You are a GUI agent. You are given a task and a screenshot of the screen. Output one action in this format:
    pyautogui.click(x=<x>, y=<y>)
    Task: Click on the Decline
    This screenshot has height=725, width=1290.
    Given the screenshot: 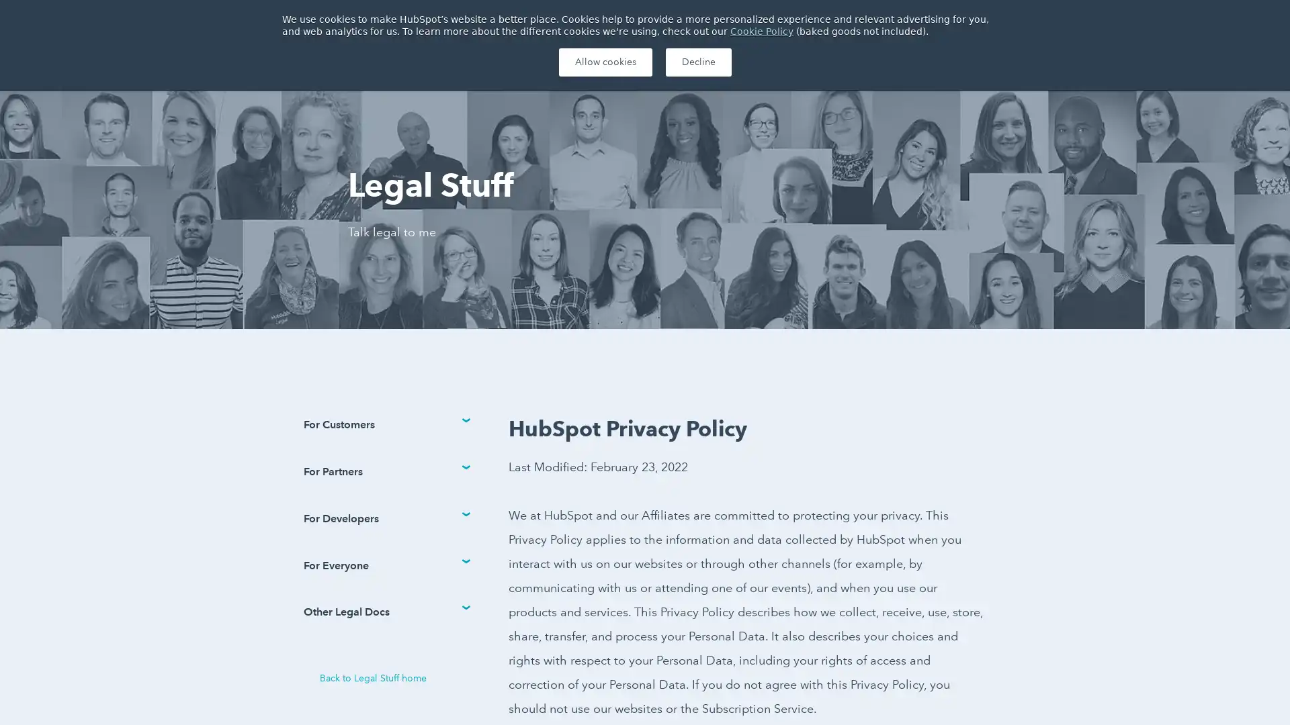 What is the action you would take?
    pyautogui.click(x=697, y=62)
    